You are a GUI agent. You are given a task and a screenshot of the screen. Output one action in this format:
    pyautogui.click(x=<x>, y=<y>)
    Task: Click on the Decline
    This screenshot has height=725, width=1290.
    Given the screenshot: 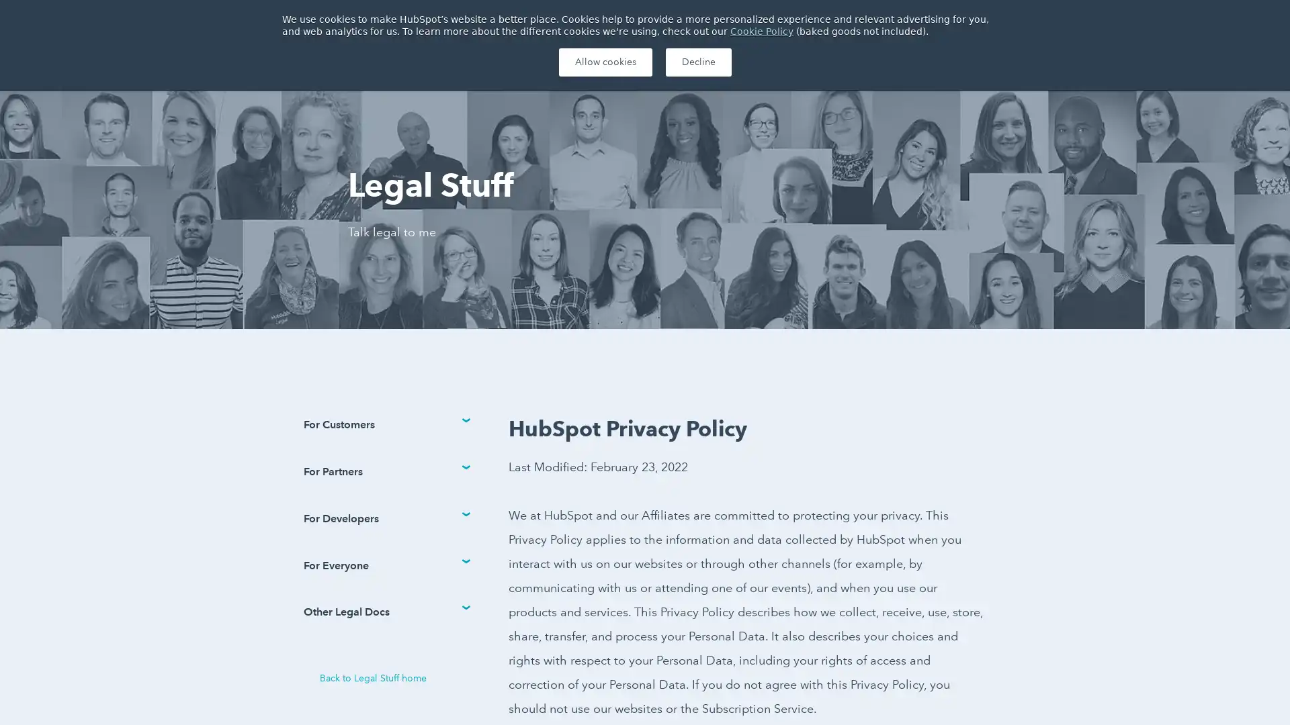 What is the action you would take?
    pyautogui.click(x=697, y=62)
    